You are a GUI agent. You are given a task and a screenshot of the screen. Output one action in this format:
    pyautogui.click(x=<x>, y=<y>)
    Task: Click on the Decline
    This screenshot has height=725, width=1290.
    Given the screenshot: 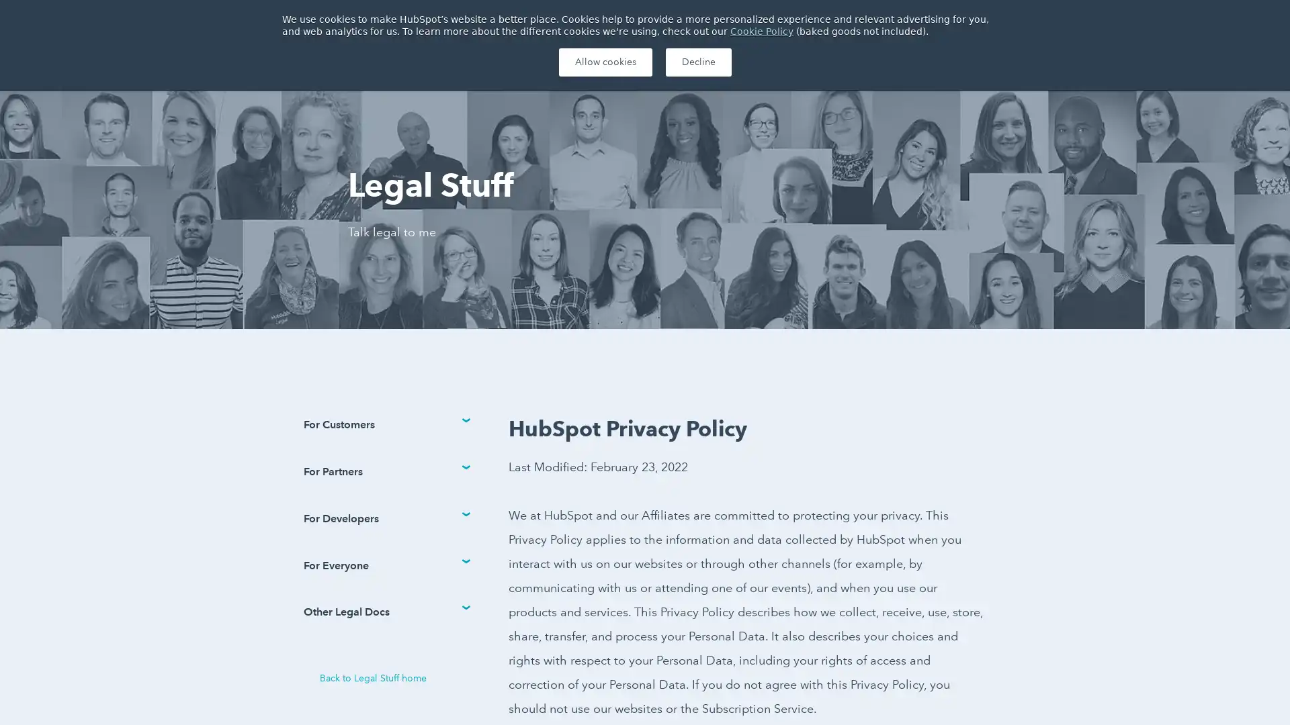 What is the action you would take?
    pyautogui.click(x=697, y=62)
    